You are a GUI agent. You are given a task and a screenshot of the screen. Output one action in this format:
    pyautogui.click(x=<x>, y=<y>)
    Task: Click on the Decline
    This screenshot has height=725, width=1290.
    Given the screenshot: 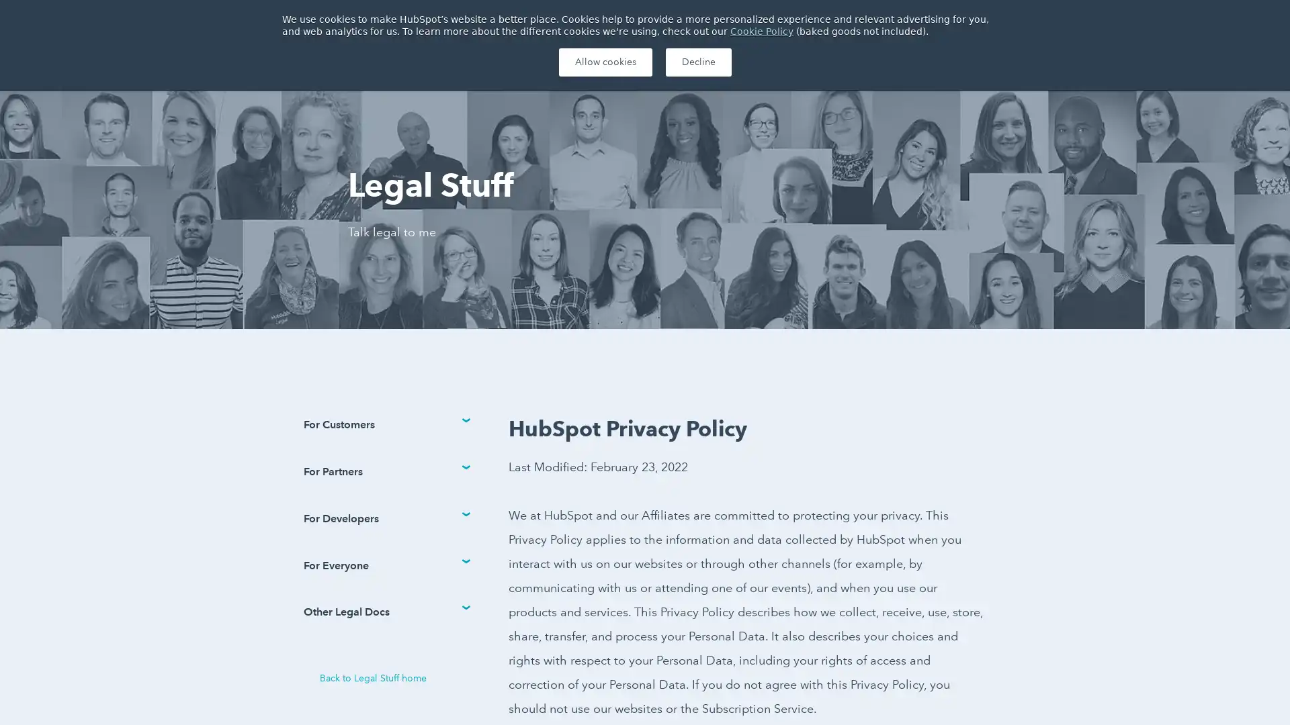 What is the action you would take?
    pyautogui.click(x=697, y=62)
    